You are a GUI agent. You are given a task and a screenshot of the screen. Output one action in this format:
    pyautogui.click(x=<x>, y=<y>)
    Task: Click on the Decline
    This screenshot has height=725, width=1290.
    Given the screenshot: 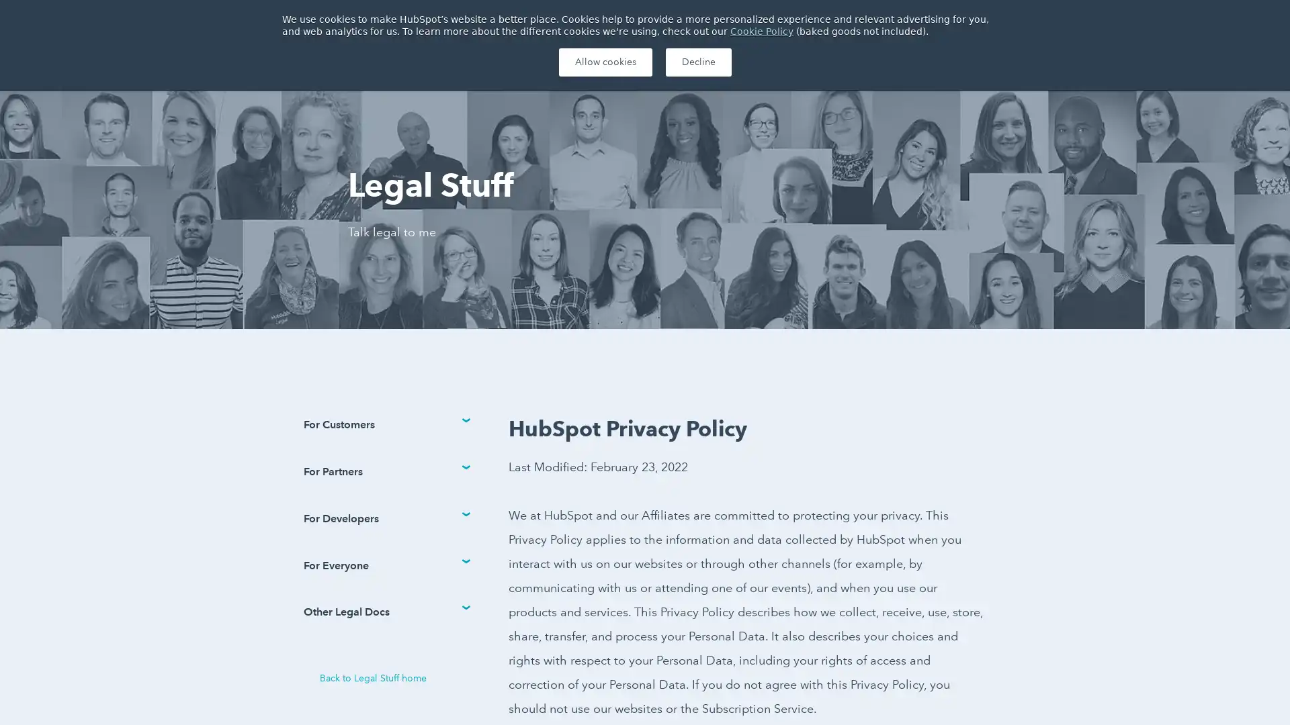 What is the action you would take?
    pyautogui.click(x=697, y=62)
    